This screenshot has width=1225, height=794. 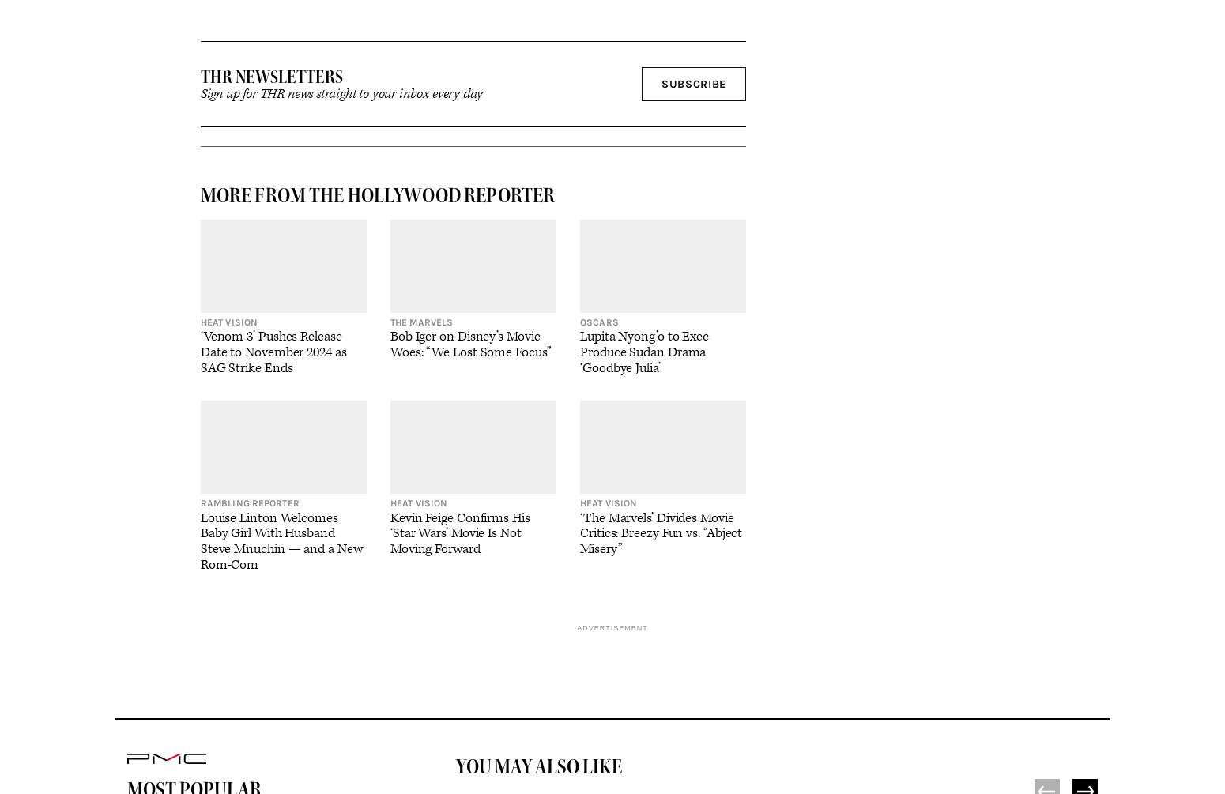 I want to click on 'The Marvels', so click(x=420, y=322).